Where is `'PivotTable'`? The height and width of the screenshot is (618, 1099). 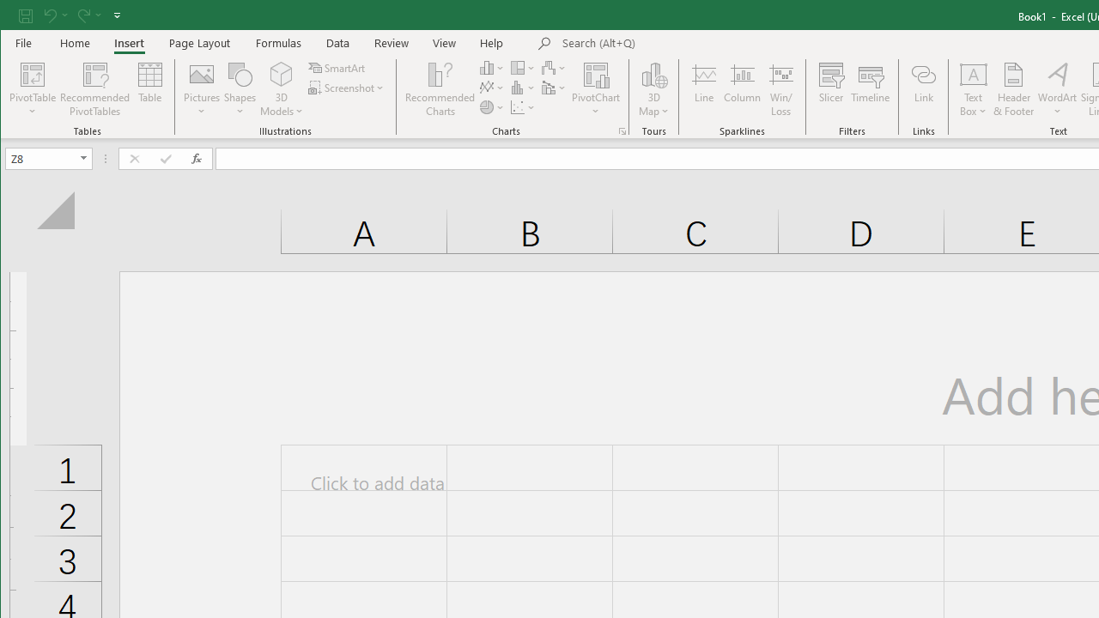 'PivotTable' is located at coordinates (33, 73).